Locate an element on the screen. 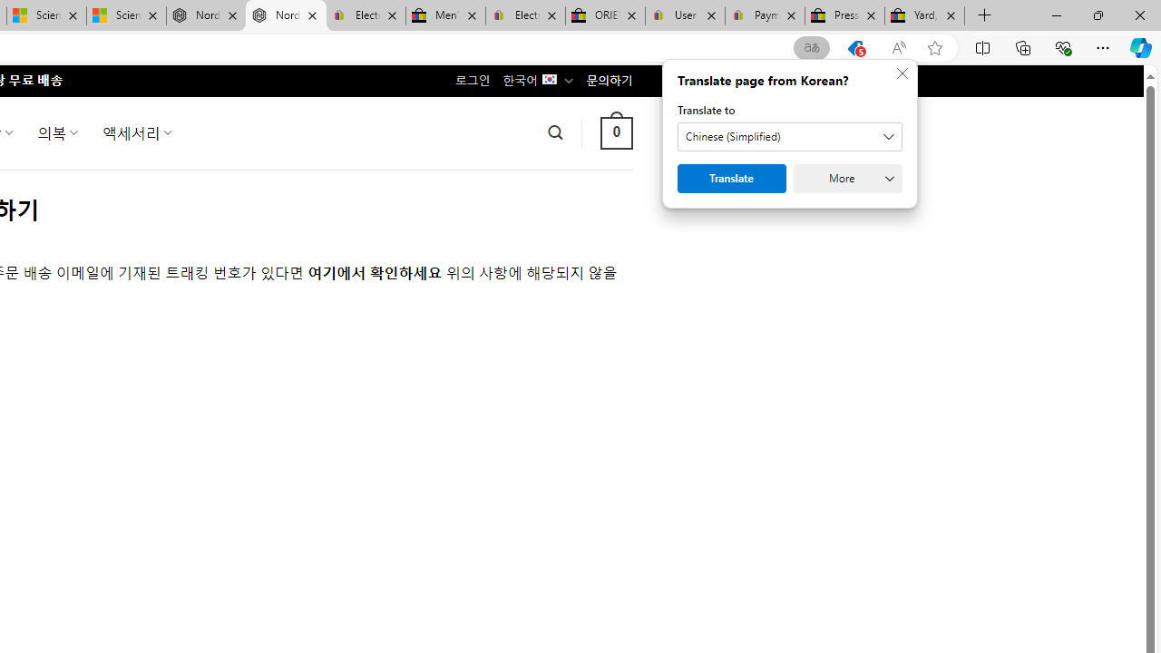 Image resolution: width=1161 pixels, height=653 pixels. 'This site has coupons! Shopping in Microsoft Edge, 5' is located at coordinates (854, 47).